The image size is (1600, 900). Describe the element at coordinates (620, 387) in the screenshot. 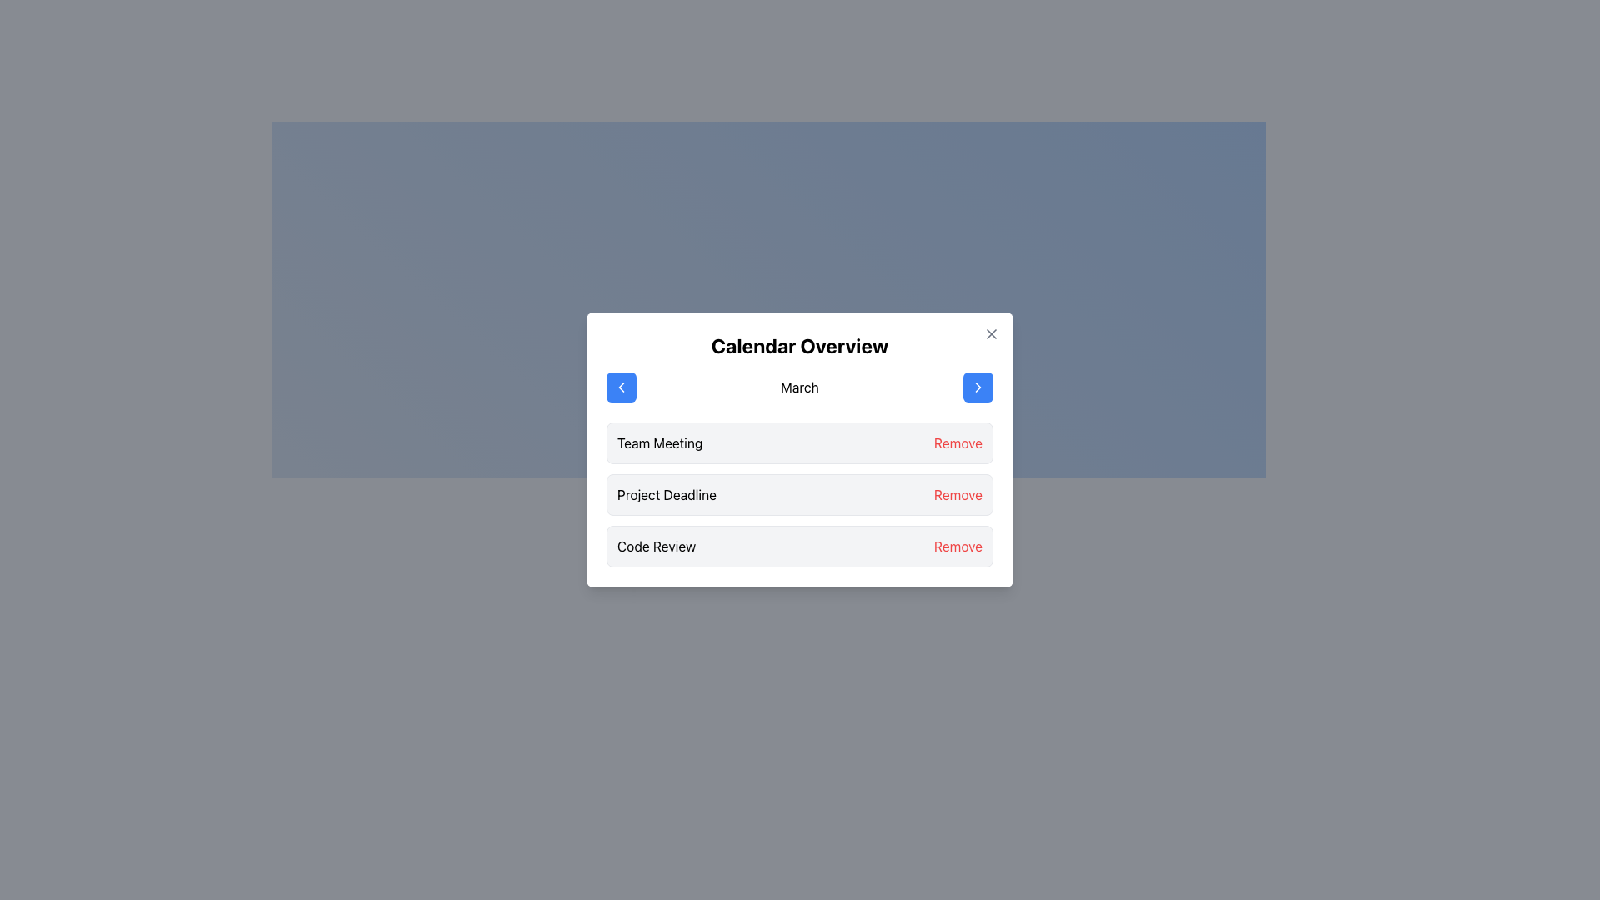

I see `the back navigation button located in the top-left corner of the white dialog box` at that location.